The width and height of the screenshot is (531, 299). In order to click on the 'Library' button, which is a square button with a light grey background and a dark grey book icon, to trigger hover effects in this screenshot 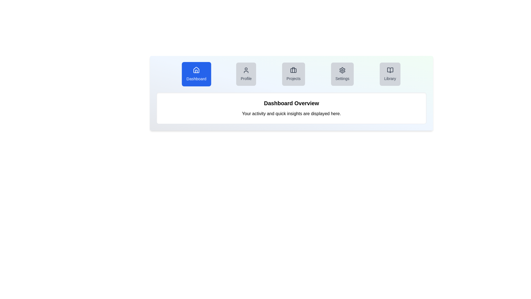, I will do `click(390, 74)`.